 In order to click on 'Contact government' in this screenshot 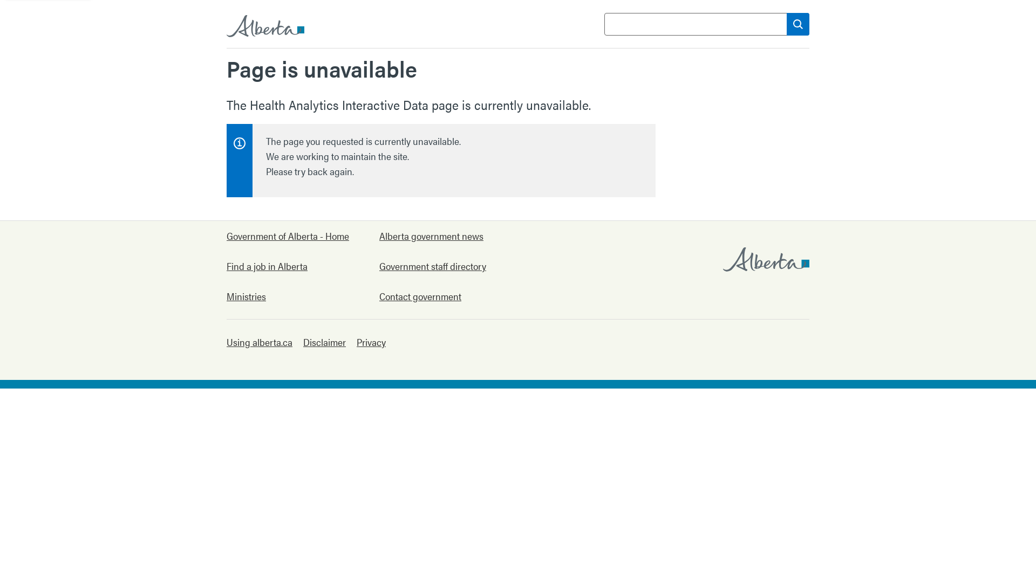, I will do `click(379, 296)`.